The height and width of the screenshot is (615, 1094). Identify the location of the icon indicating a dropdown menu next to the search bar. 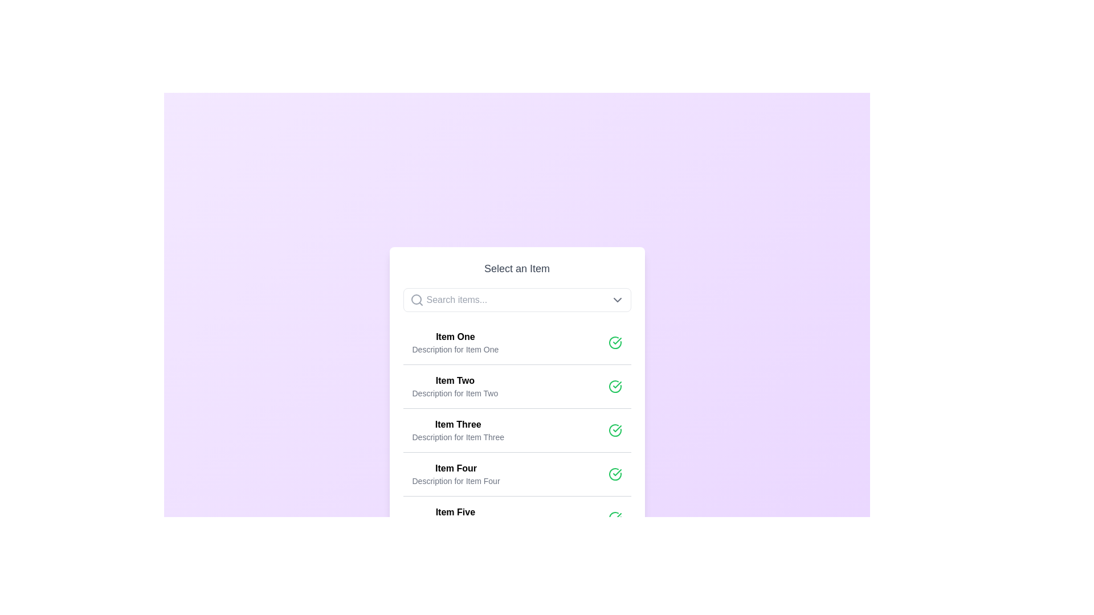
(617, 300).